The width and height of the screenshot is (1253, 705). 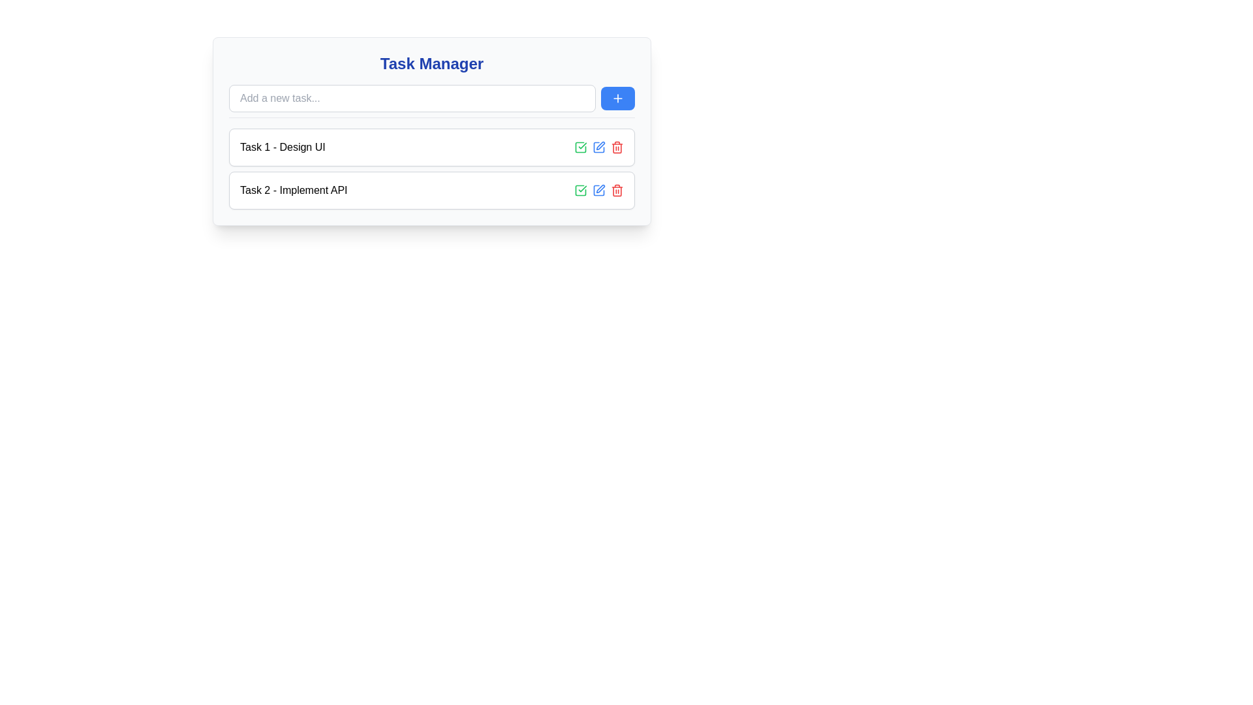 I want to click on the red outlined trash icon button on the right side of the task manager interface, so click(x=616, y=147).